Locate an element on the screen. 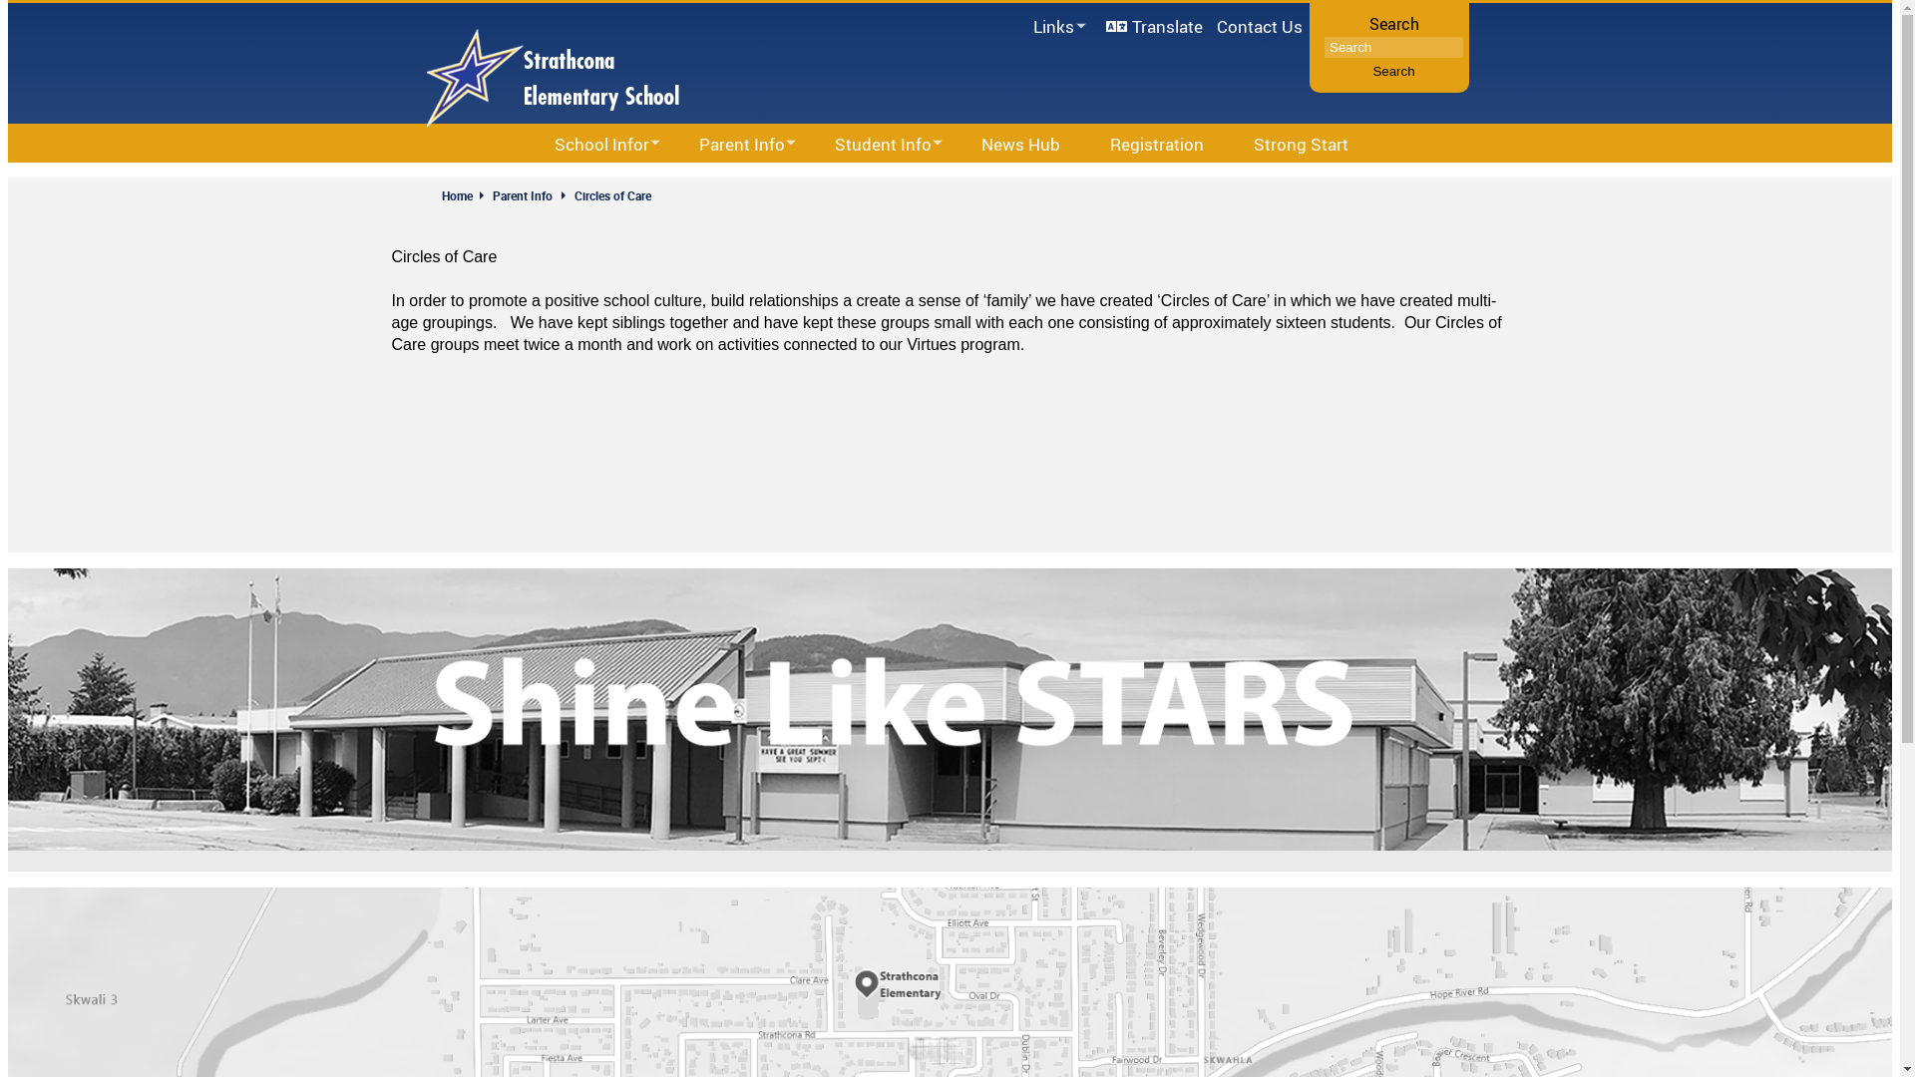  'Contact Us' is located at coordinates (1258, 26).